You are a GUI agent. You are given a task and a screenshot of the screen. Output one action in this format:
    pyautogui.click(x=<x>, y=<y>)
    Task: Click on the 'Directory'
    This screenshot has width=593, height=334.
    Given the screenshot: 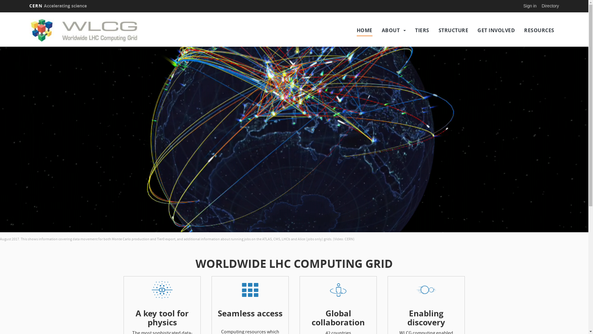 What is the action you would take?
    pyautogui.click(x=550, y=6)
    